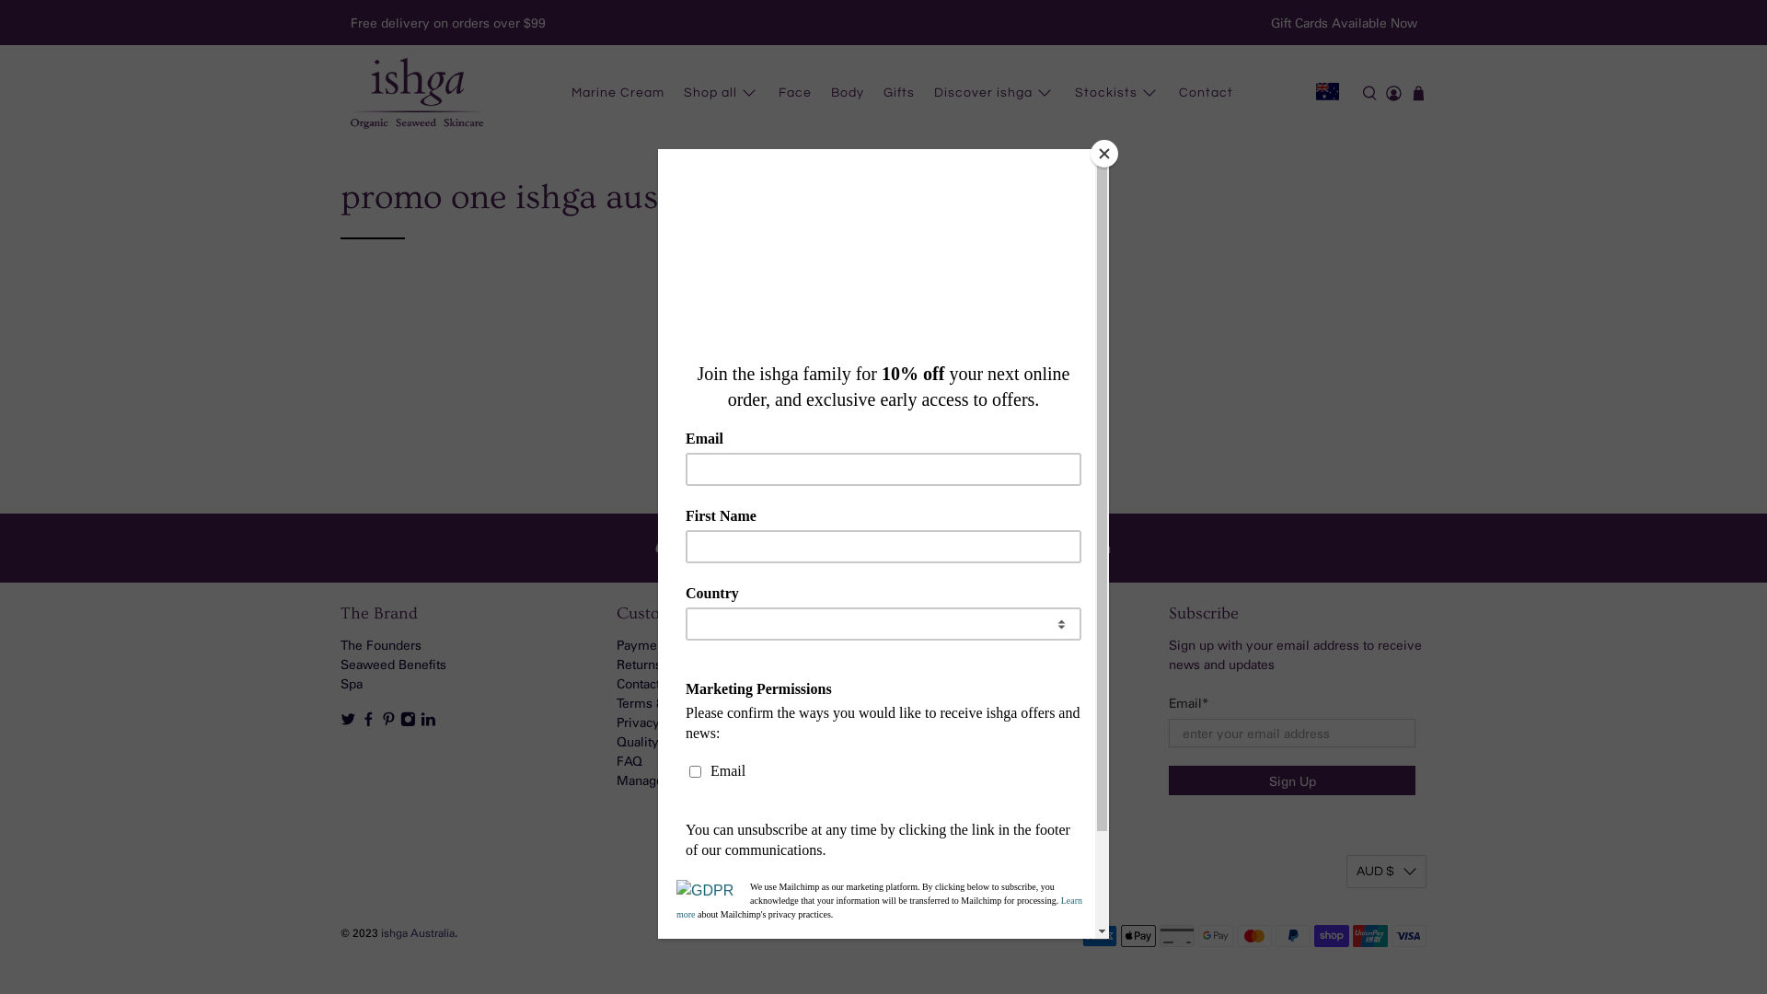 The height and width of the screenshot is (994, 1767). Describe the element at coordinates (994, 93) in the screenshot. I see `'Discover ishga'` at that location.